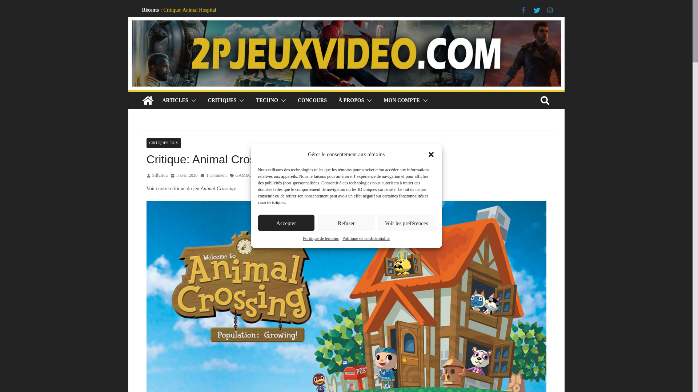 This screenshot has width=698, height=392. I want to click on 'Refuser', so click(318, 222).